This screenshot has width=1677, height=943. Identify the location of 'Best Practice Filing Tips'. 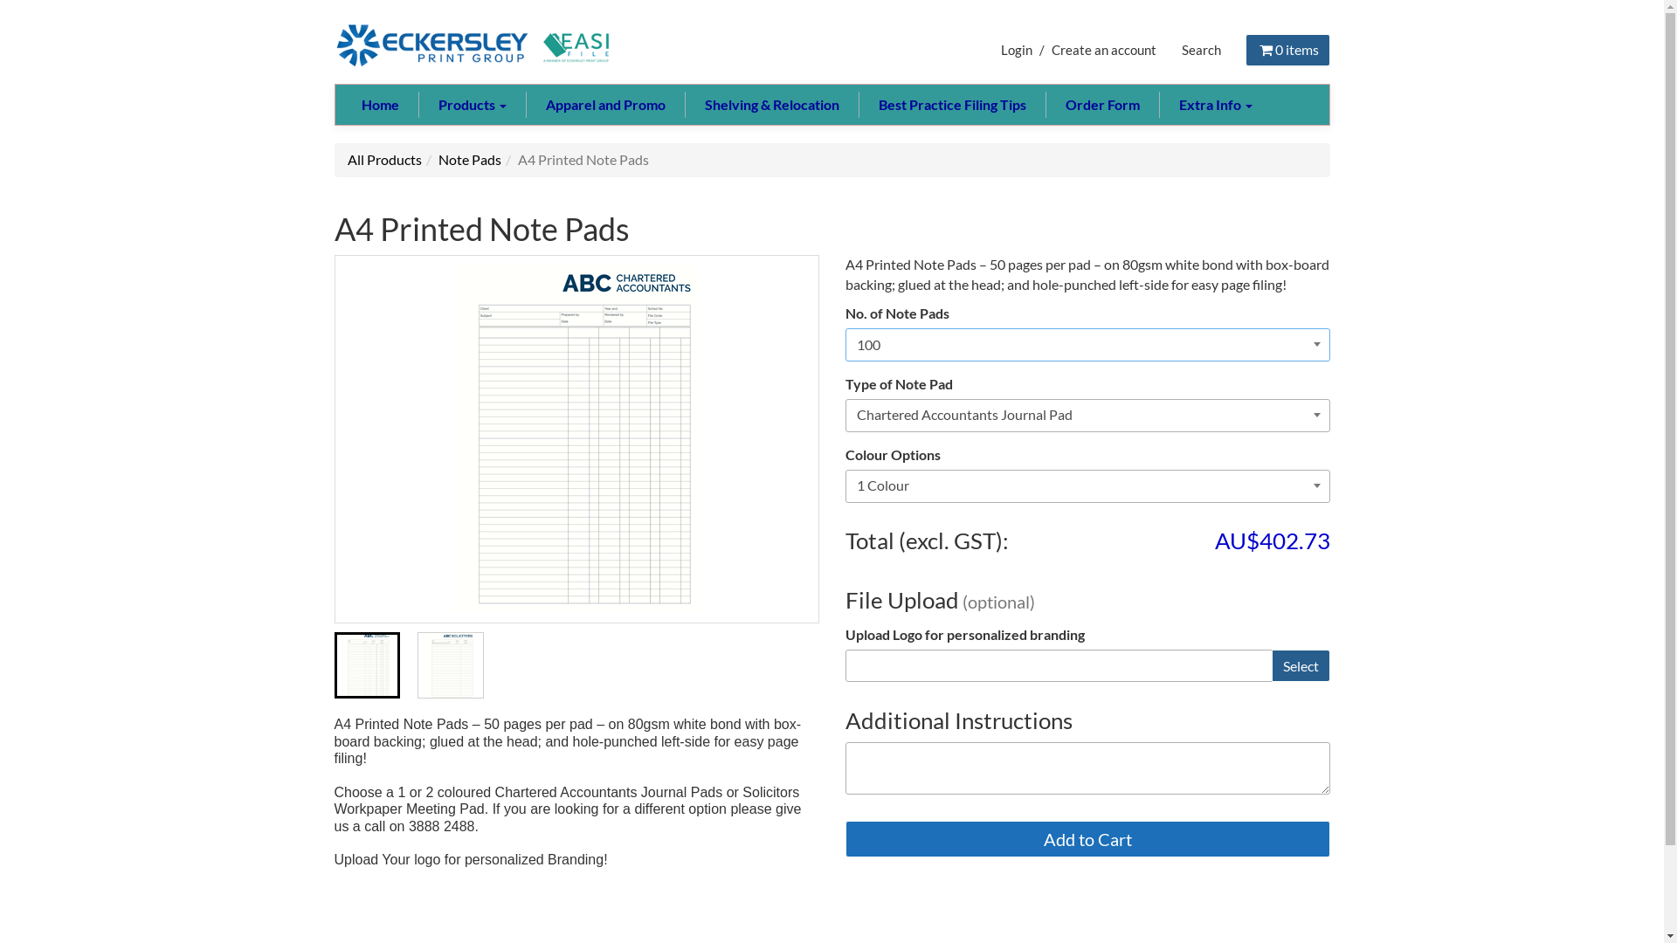
(858, 104).